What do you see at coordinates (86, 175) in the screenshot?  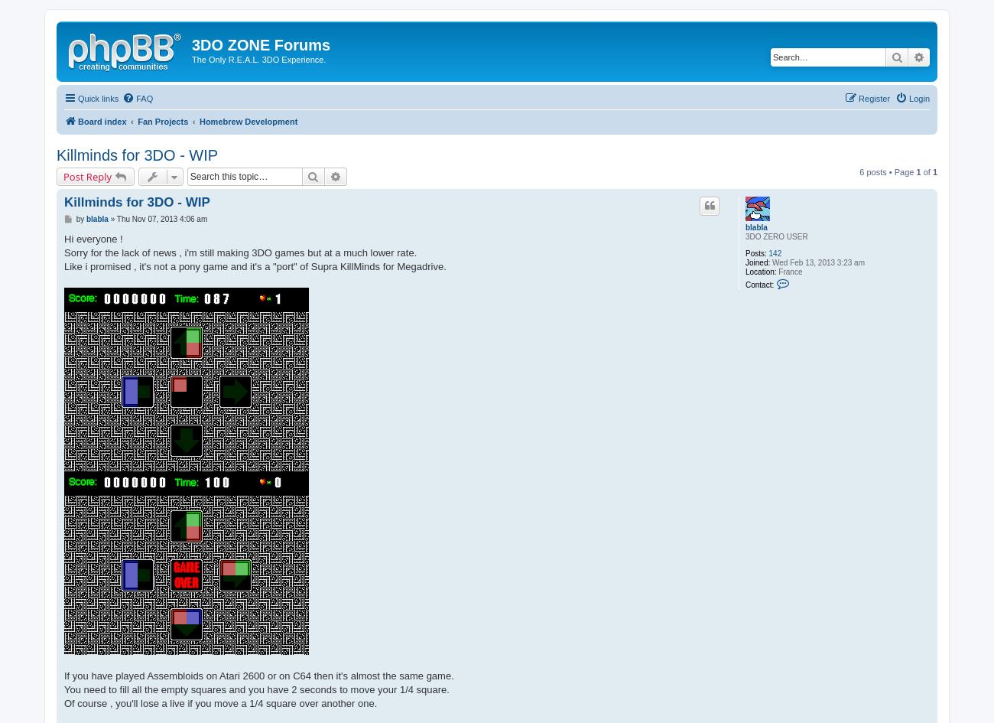 I see `'Post Reply'` at bounding box center [86, 175].